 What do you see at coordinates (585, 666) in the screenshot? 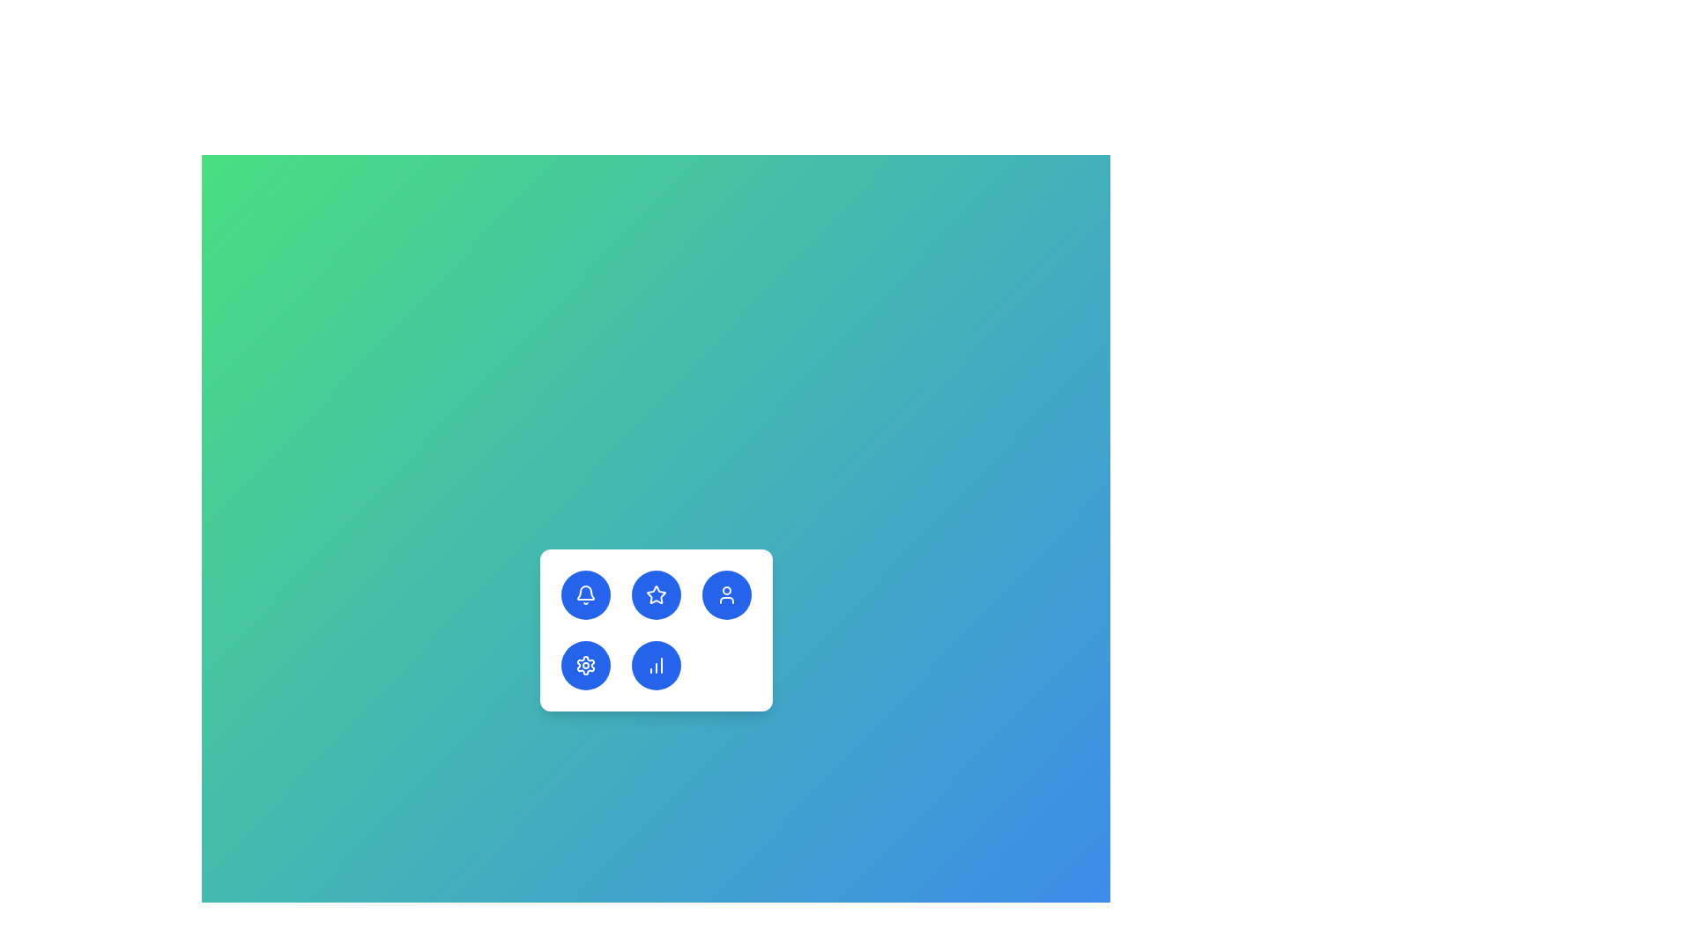
I see `the circular button with a blue background and a white gear icon` at bounding box center [585, 666].